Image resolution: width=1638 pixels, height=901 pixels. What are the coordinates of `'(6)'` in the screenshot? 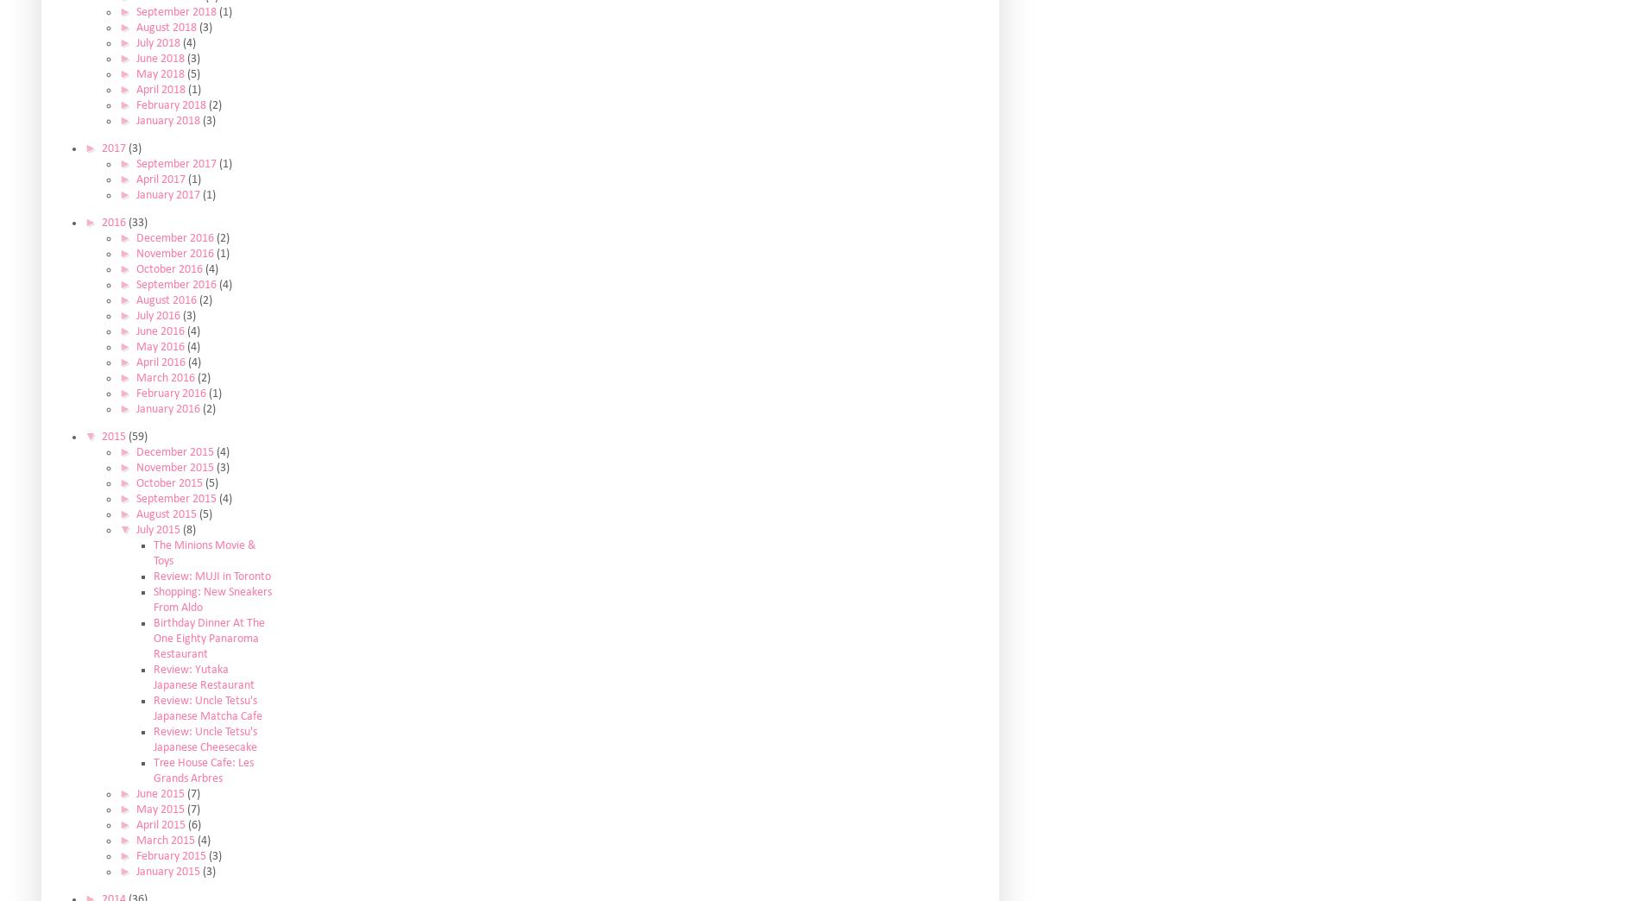 It's located at (192, 823).